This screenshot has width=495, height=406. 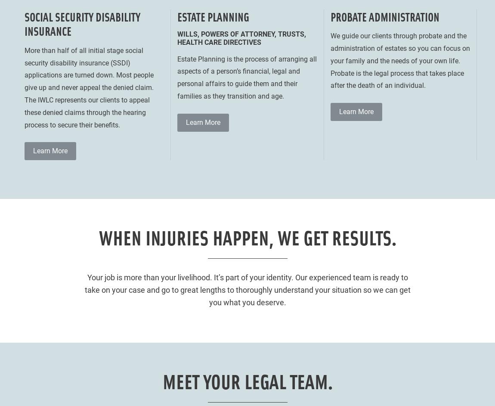 What do you see at coordinates (89, 87) in the screenshot?
I see `'More than half of all initial stage social security disability insurance (SSDI) applications are turned down. Most people give up and never appeal the denied claim. The IWLC represents our clients to appeal these denied claims through the hearing process to secure their benefits.'` at bounding box center [89, 87].